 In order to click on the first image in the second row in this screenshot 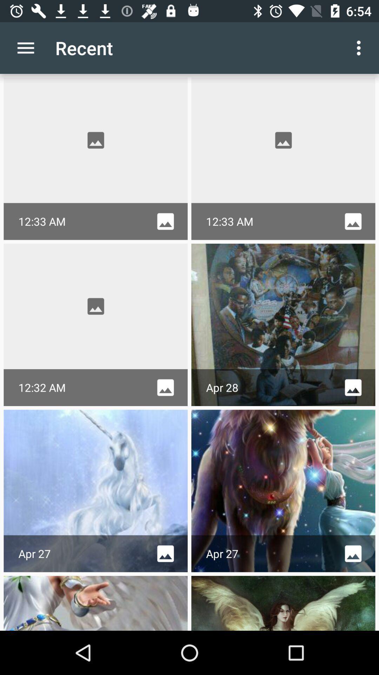, I will do `click(96, 306)`.